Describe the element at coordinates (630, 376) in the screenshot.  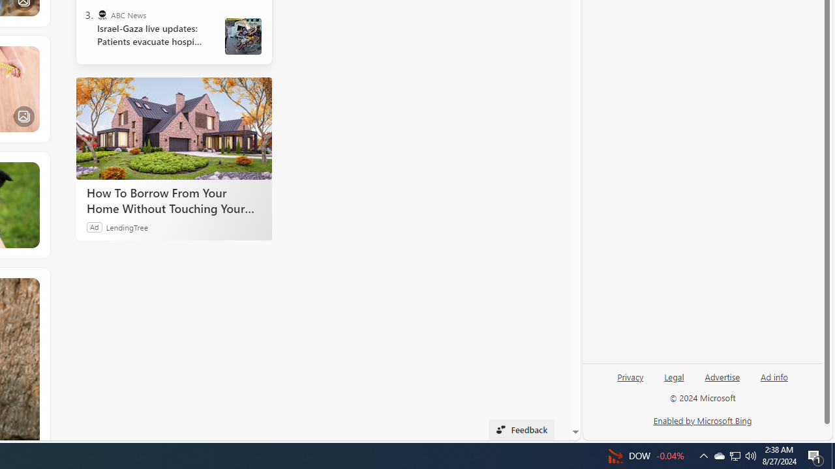
I see `'Privacy'` at that location.